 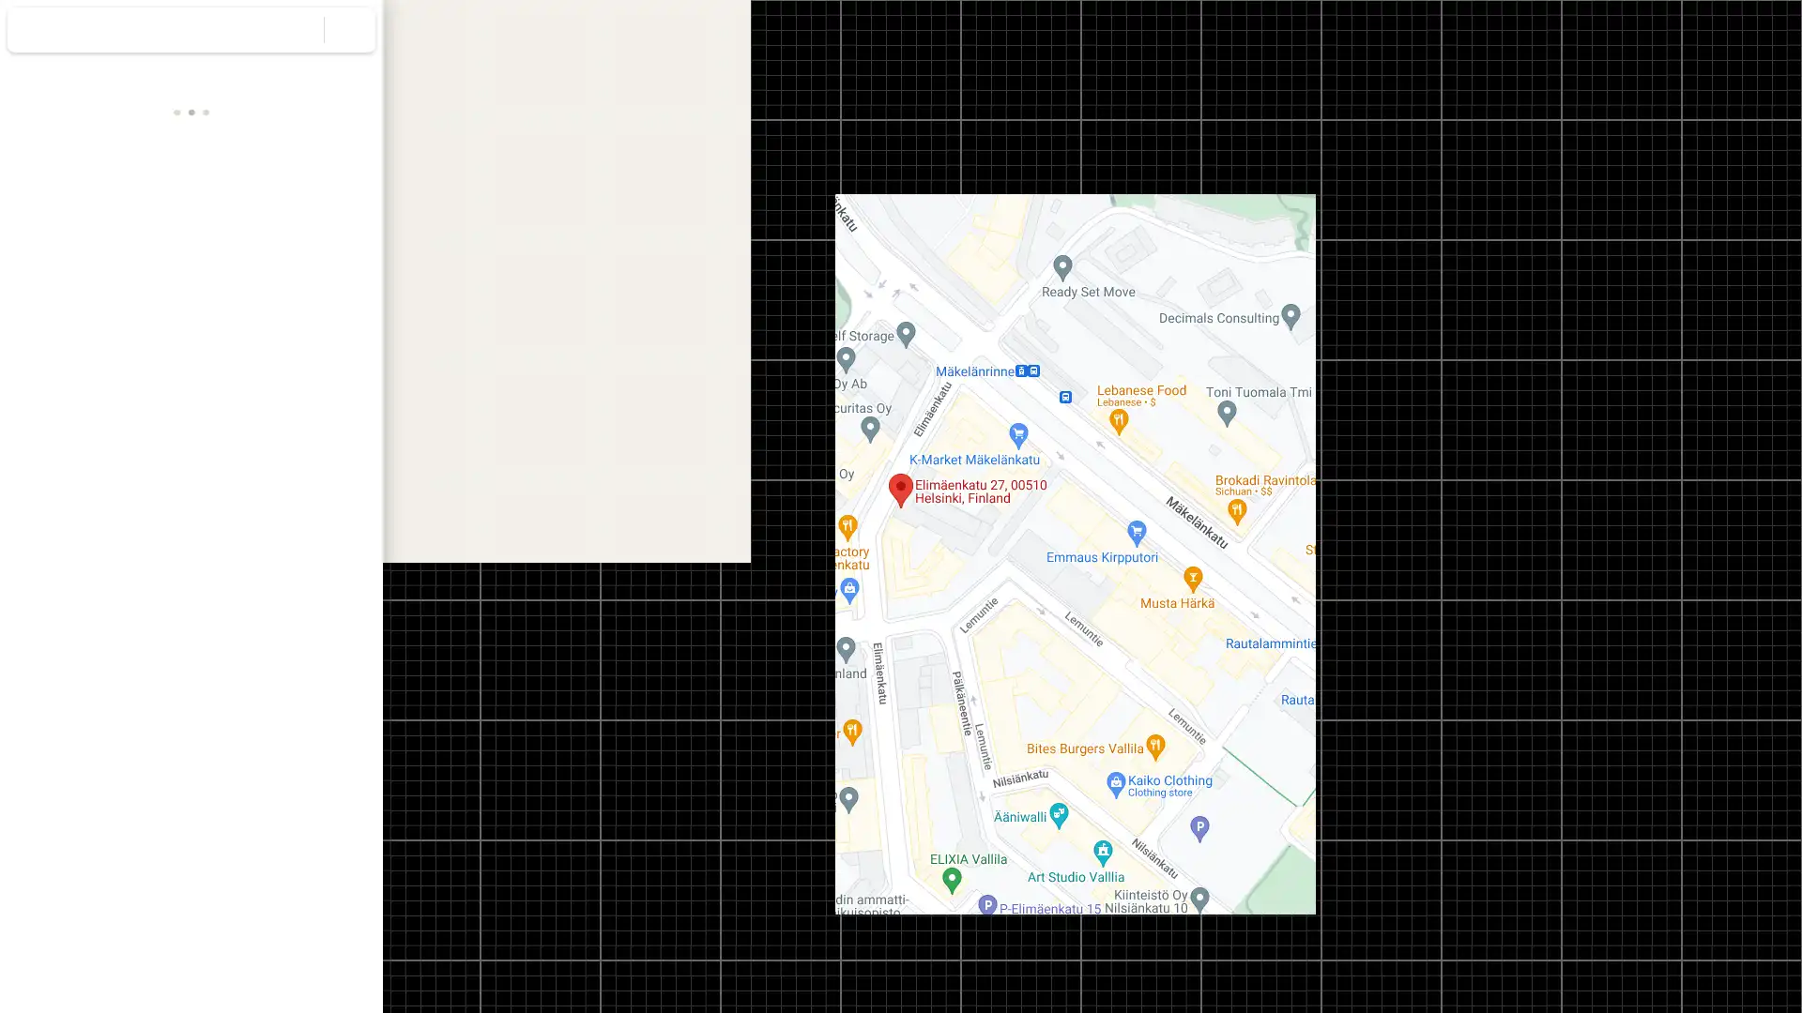 I want to click on Share Elimaenkatu 27, so click(x=328, y=321).